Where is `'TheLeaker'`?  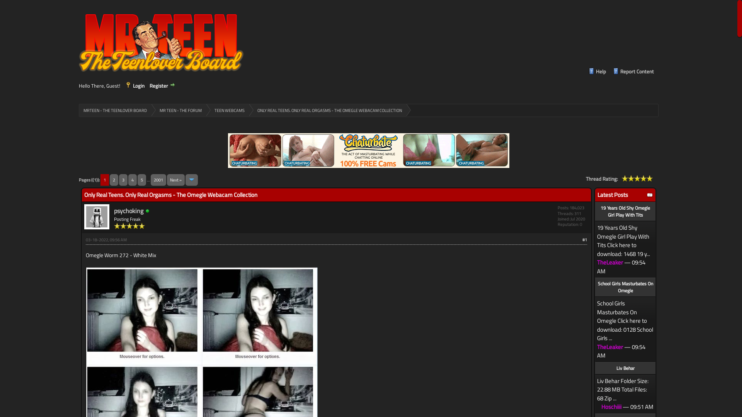
'TheLeaker' is located at coordinates (609, 262).